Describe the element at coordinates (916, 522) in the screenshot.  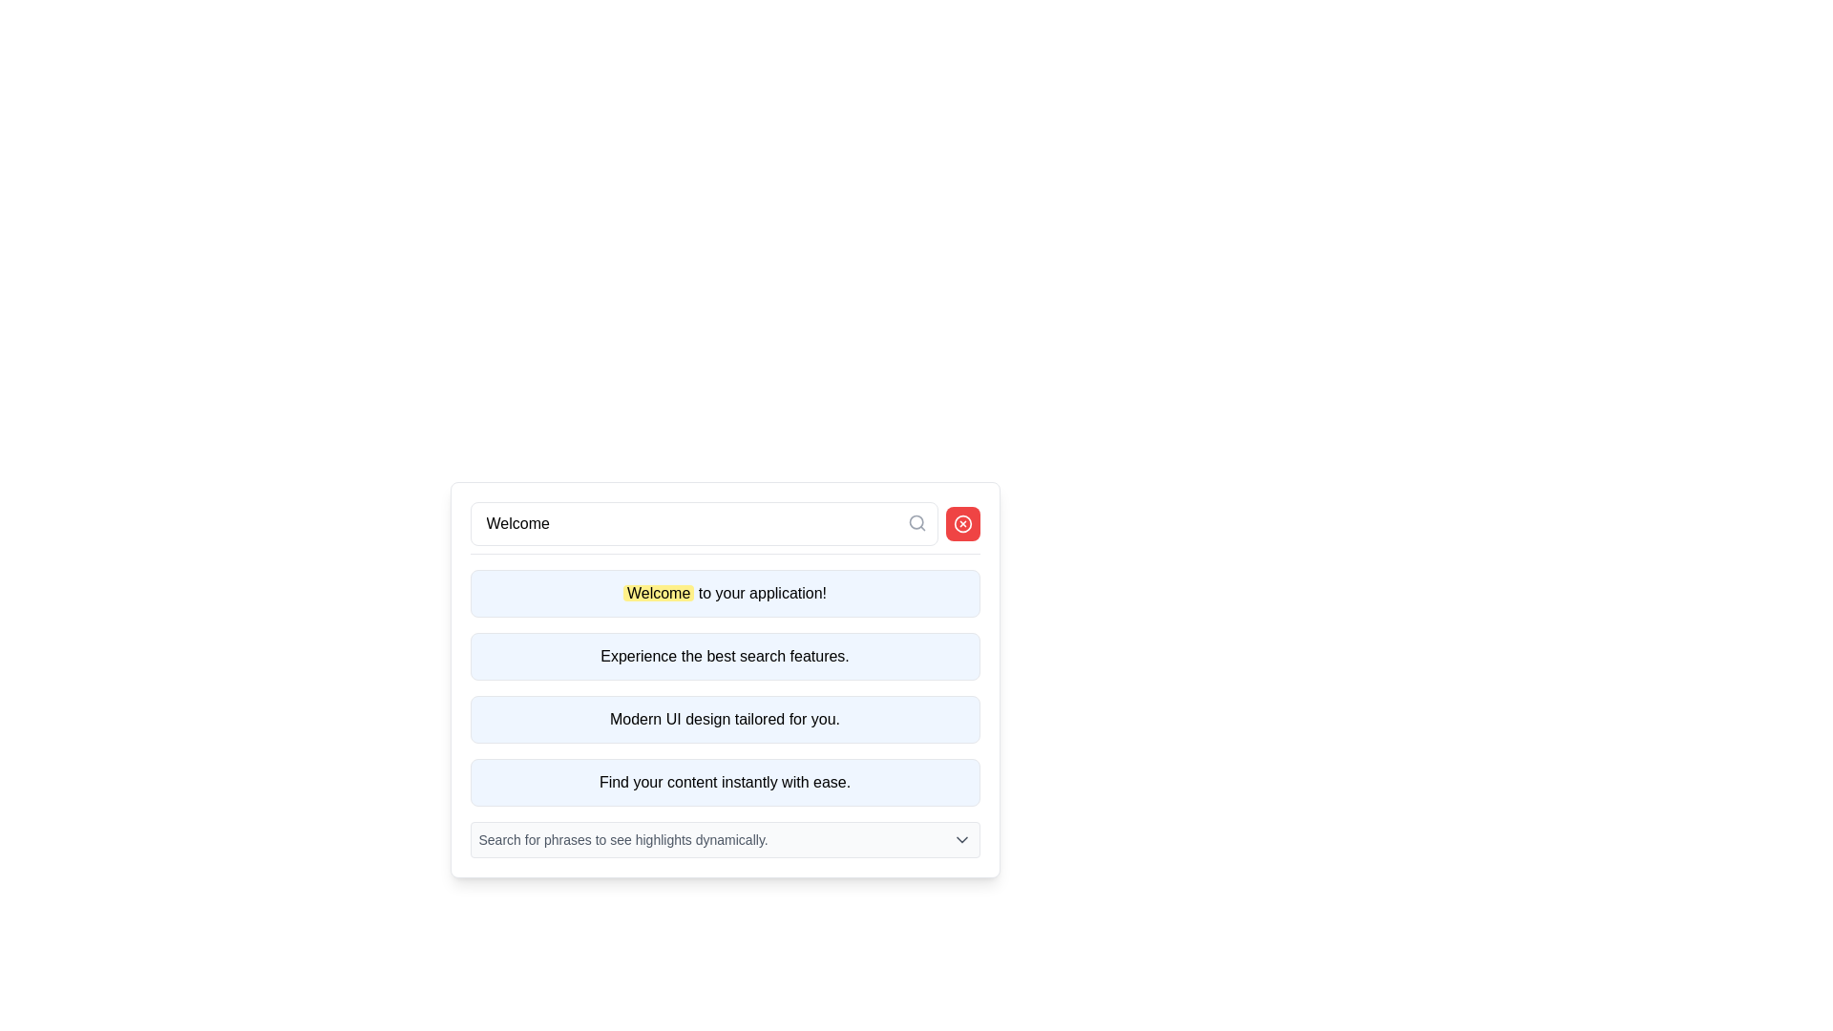
I see `the search icon located on the right-hand side of the search input field` at that location.